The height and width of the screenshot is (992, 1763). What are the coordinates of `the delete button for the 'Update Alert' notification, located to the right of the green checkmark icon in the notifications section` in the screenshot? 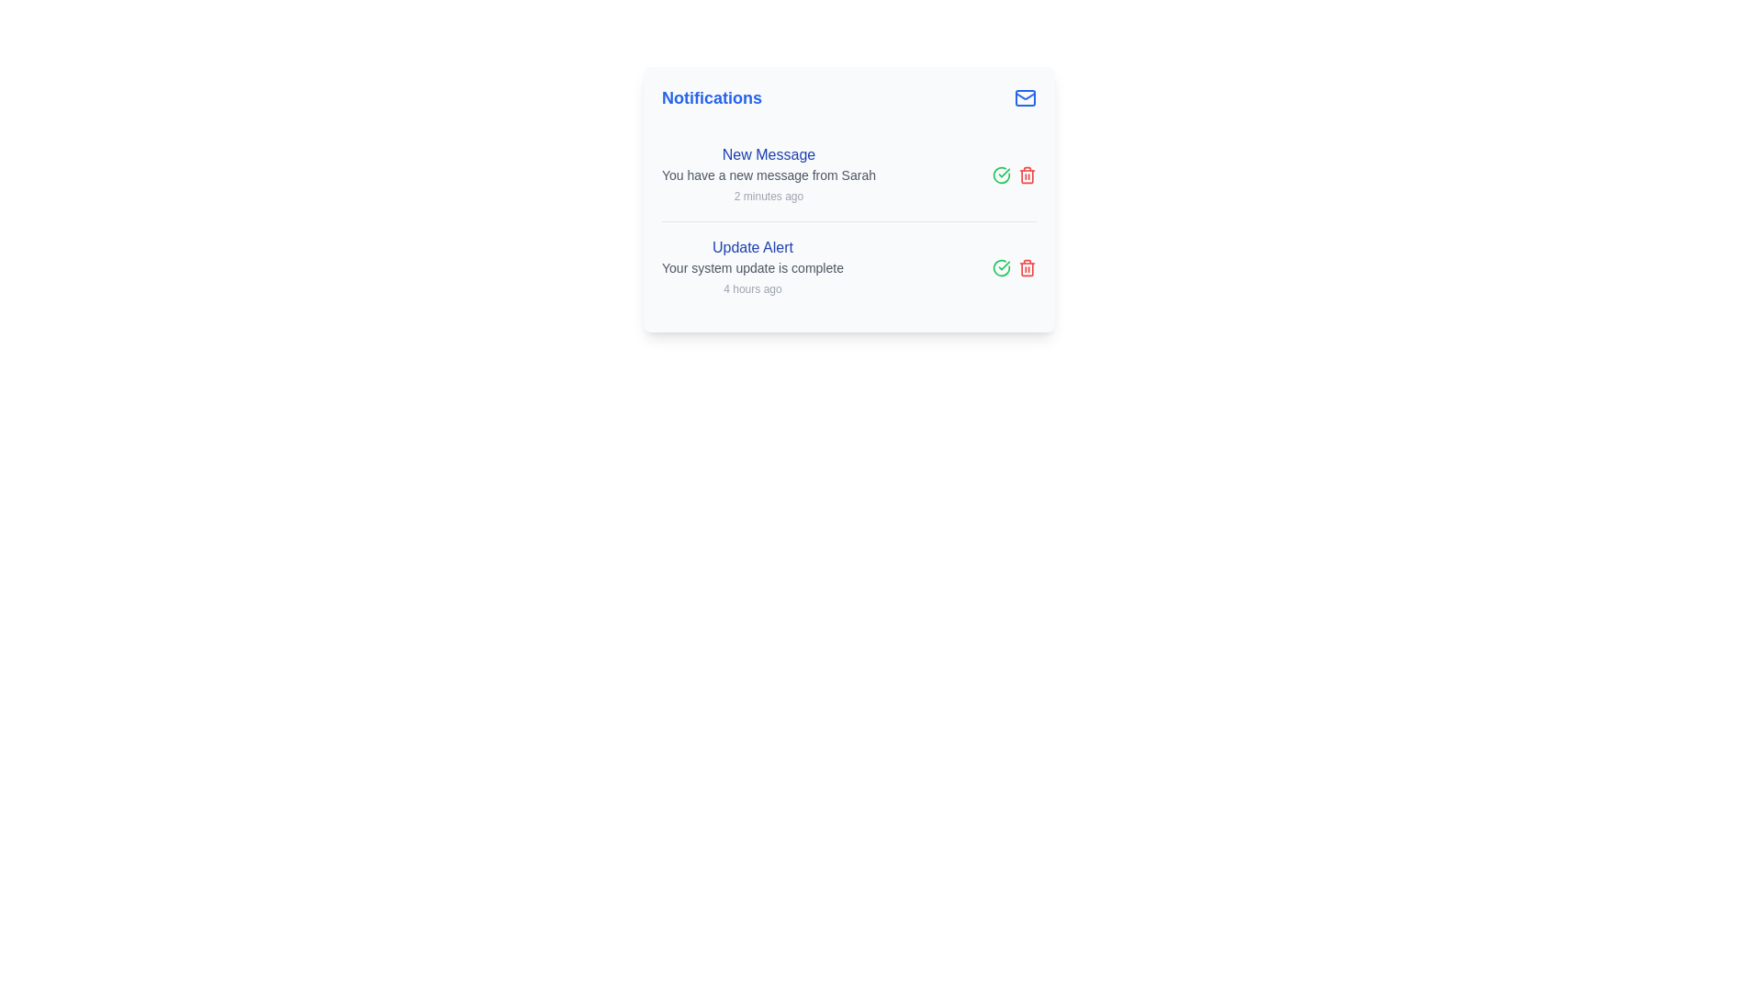 It's located at (1026, 268).